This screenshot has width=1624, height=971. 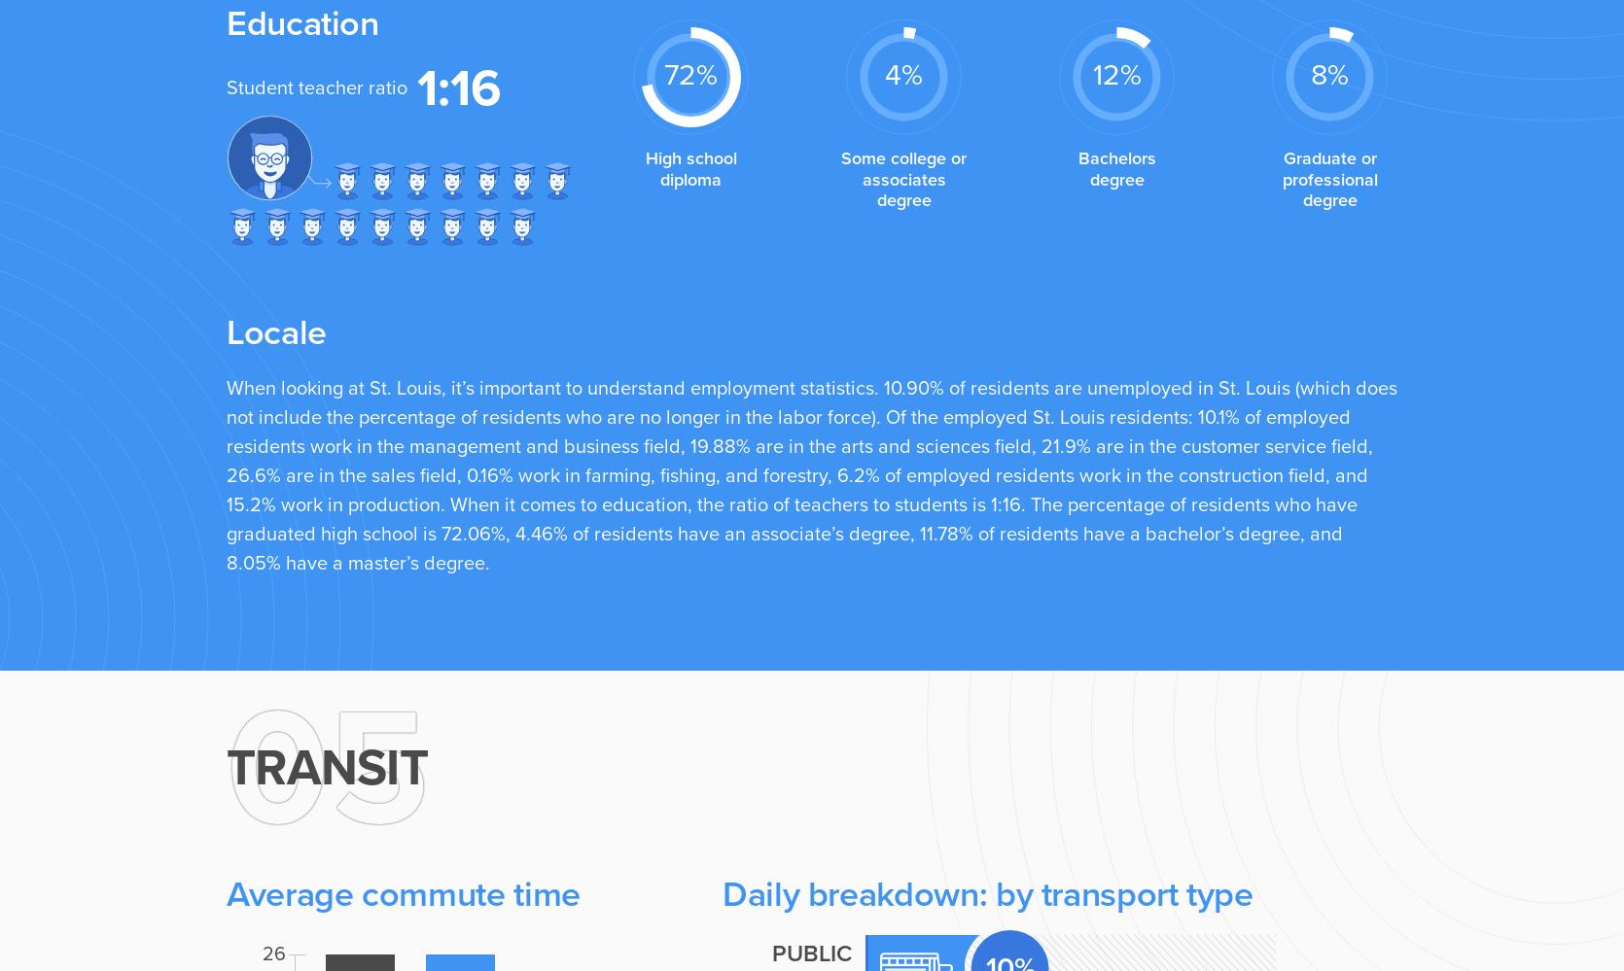 What do you see at coordinates (275, 332) in the screenshot?
I see `'Locale'` at bounding box center [275, 332].